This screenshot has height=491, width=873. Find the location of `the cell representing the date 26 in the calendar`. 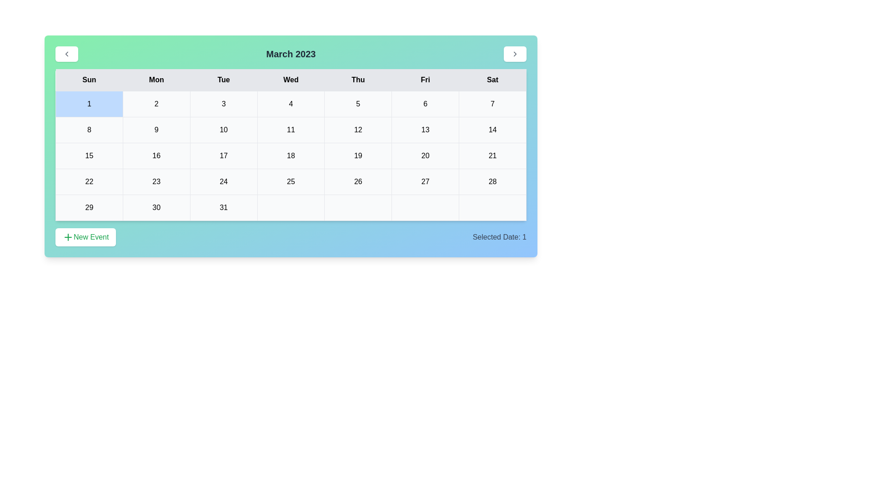

the cell representing the date 26 in the calendar is located at coordinates (357, 182).